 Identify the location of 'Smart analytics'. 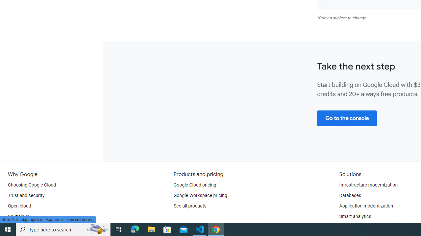
(355, 216).